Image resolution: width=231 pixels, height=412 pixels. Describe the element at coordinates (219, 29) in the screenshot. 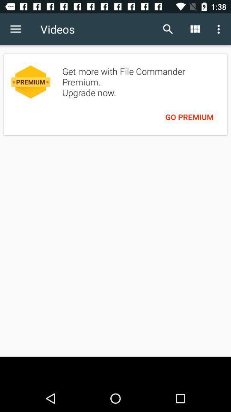

I see `the icon above get more with icon` at that location.